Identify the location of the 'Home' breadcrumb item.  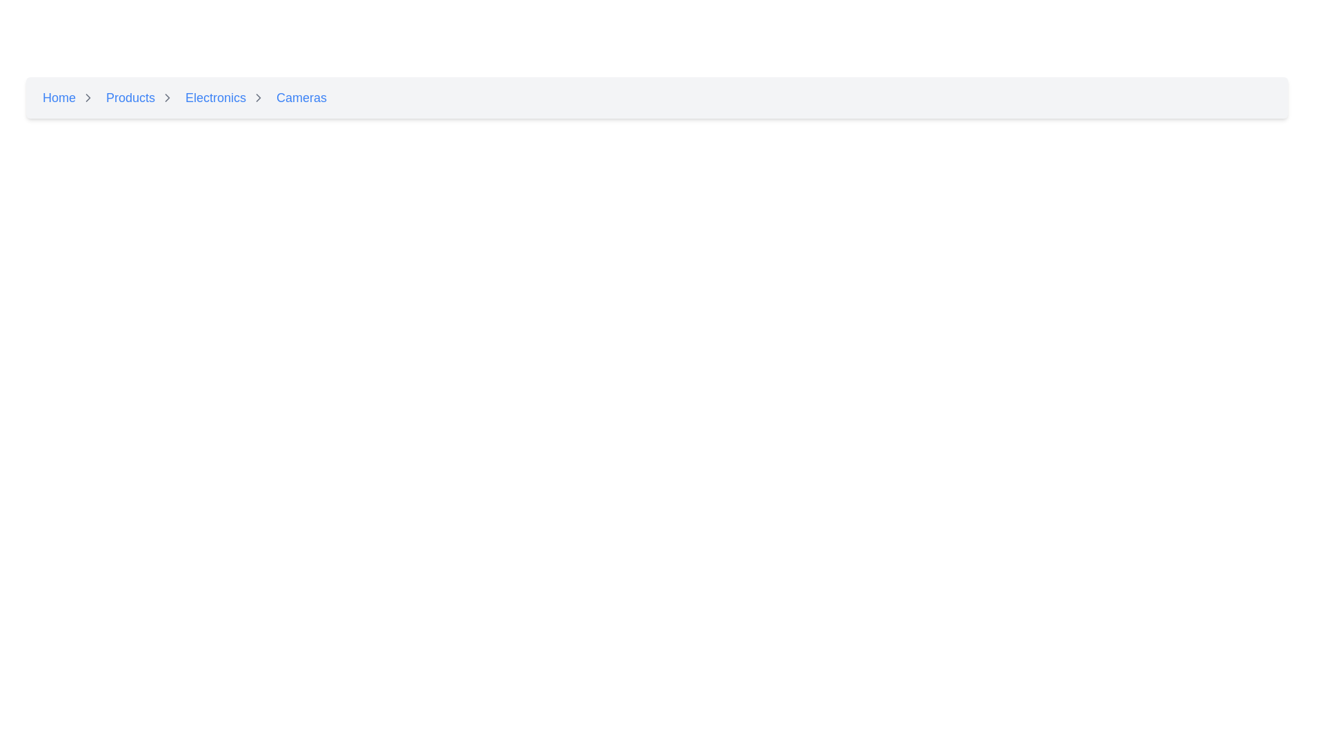
(71, 97).